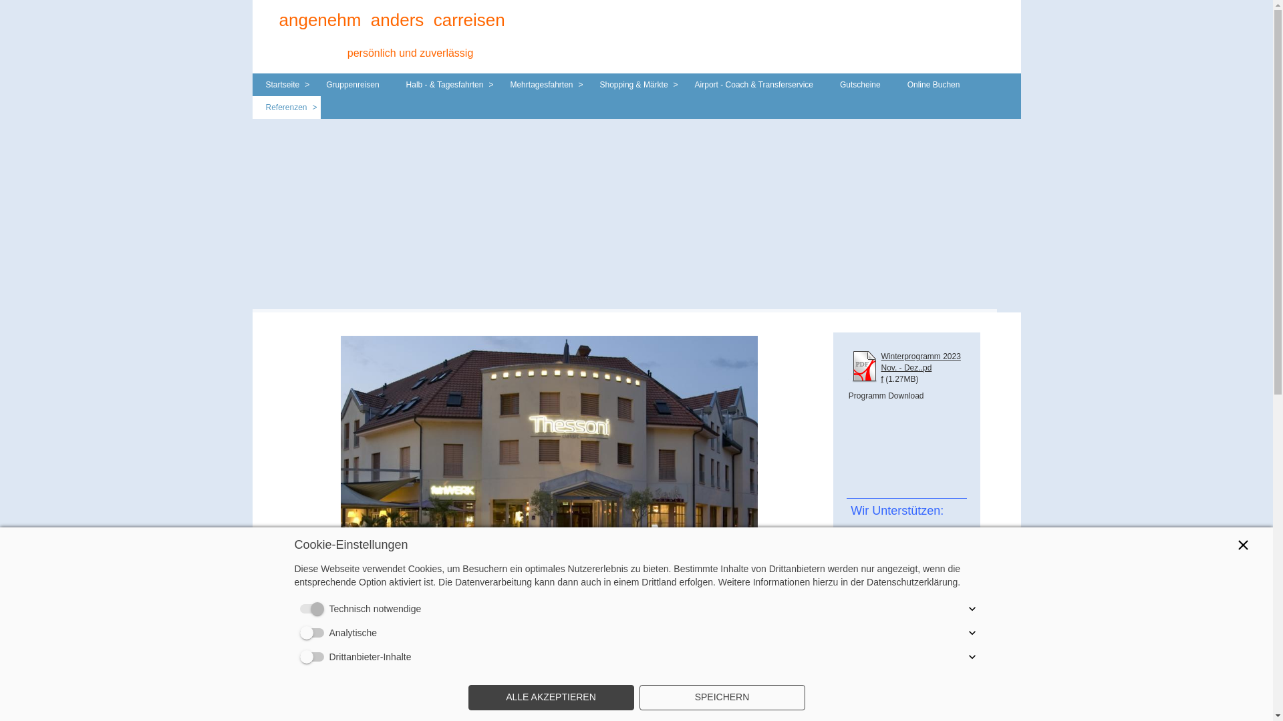 The image size is (1283, 721). Describe the element at coordinates (860, 85) in the screenshot. I see `'Gutscheine'` at that location.